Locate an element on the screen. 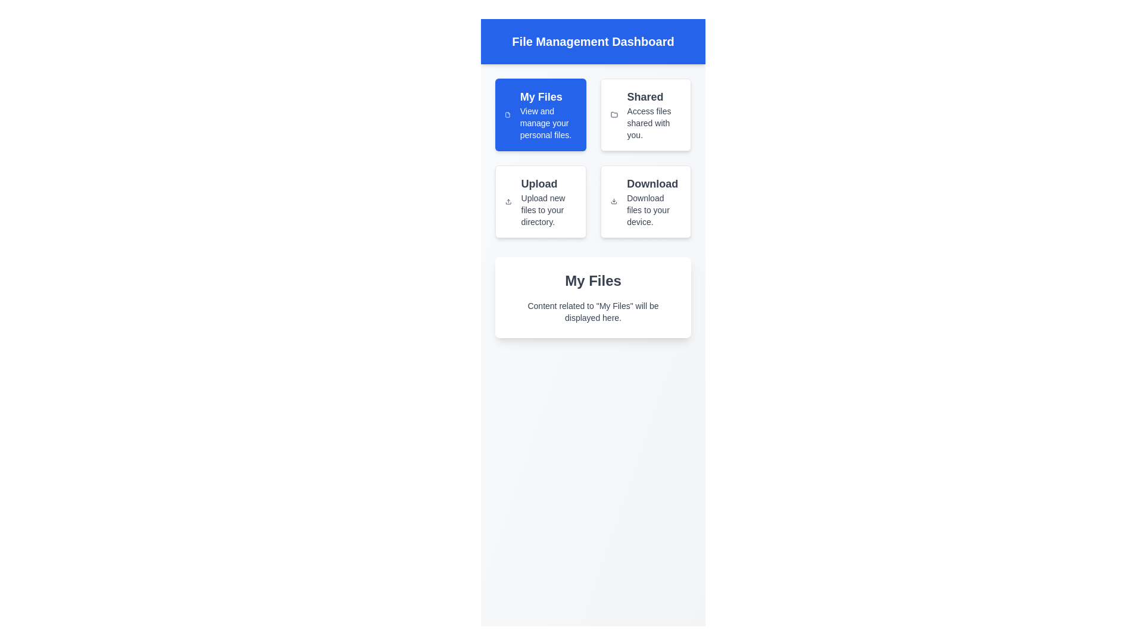  text content of the small text section containing 'Content related to "My Files" will be displayed here.', which is styled with a smaller font size and positioned directly below the 'My Files' heading within a card-like layout is located at coordinates (593, 311).